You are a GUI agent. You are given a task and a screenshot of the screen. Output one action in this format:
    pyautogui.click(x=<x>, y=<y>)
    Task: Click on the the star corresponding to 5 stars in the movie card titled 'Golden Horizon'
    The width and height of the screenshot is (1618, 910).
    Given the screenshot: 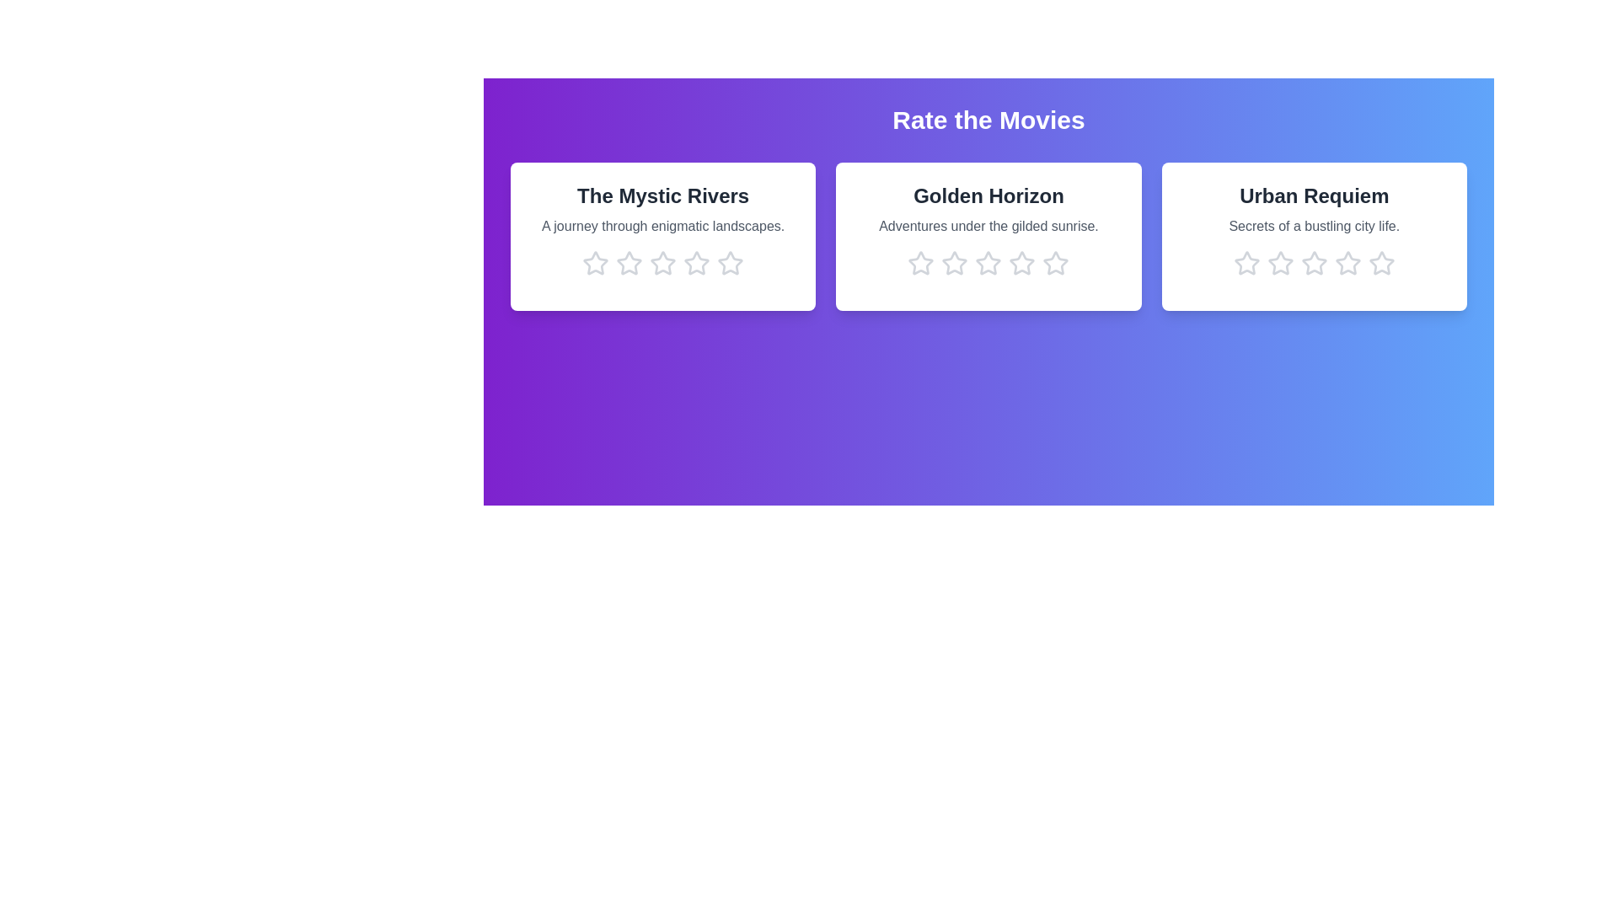 What is the action you would take?
    pyautogui.click(x=1055, y=263)
    